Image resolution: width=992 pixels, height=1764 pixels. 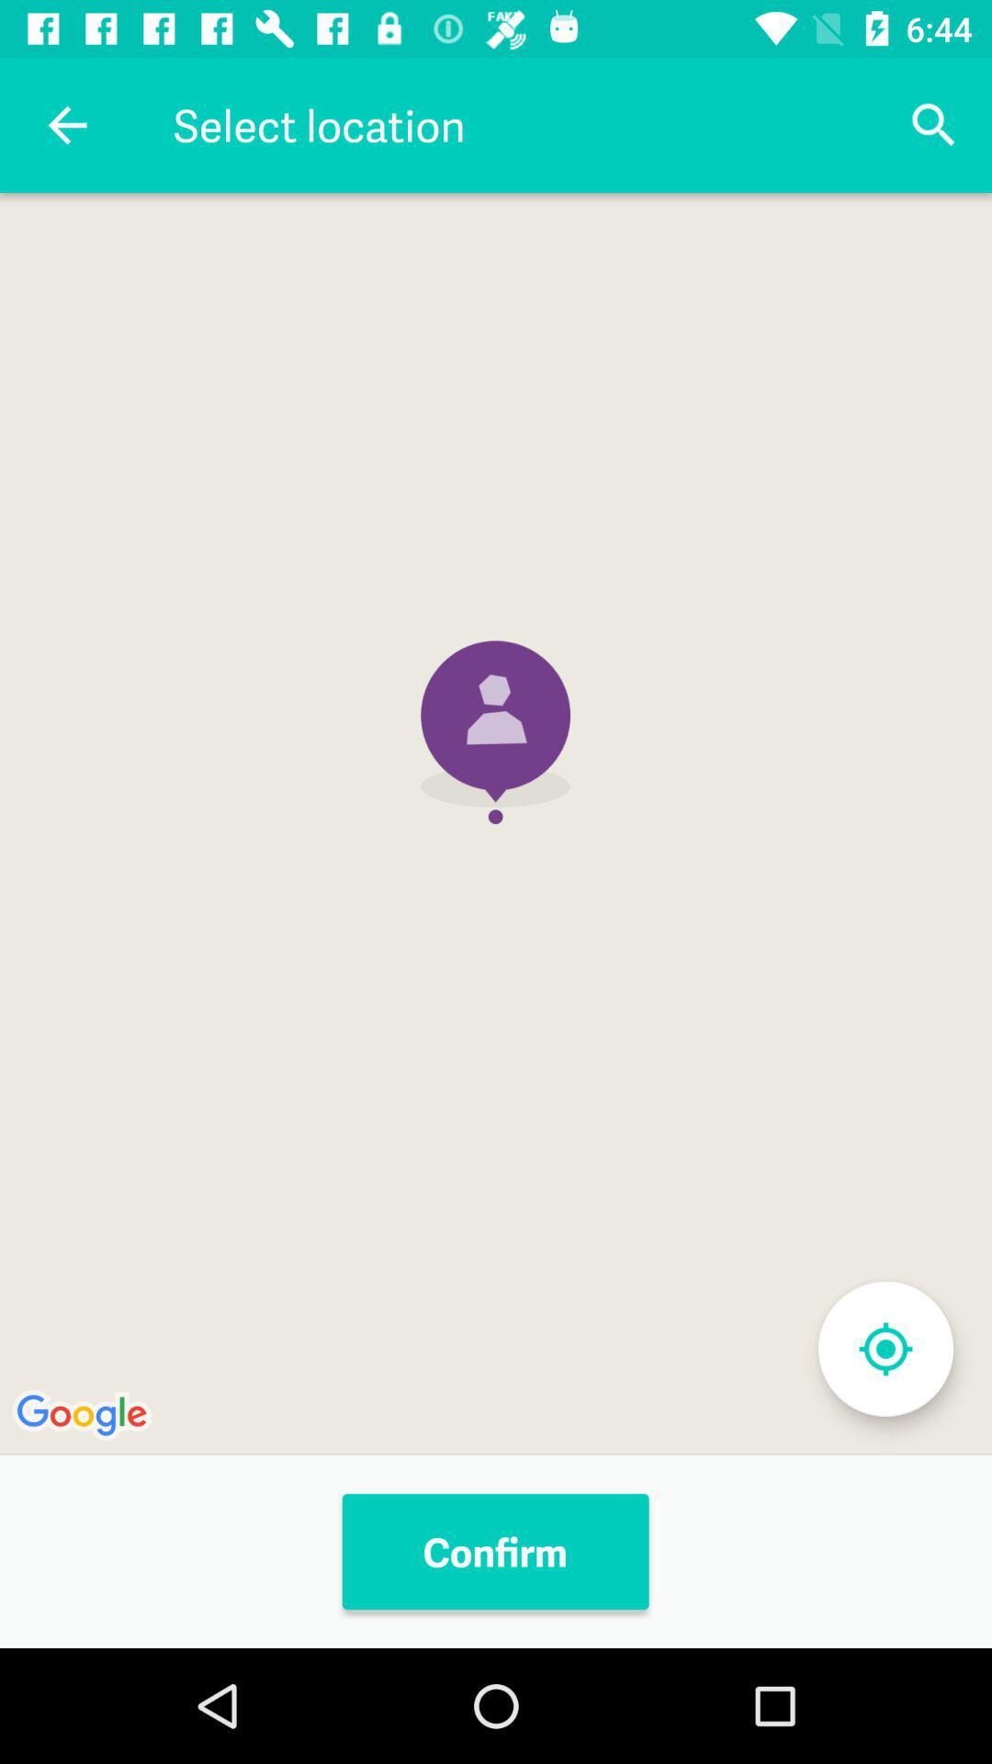 I want to click on confirm item, so click(x=494, y=1551).